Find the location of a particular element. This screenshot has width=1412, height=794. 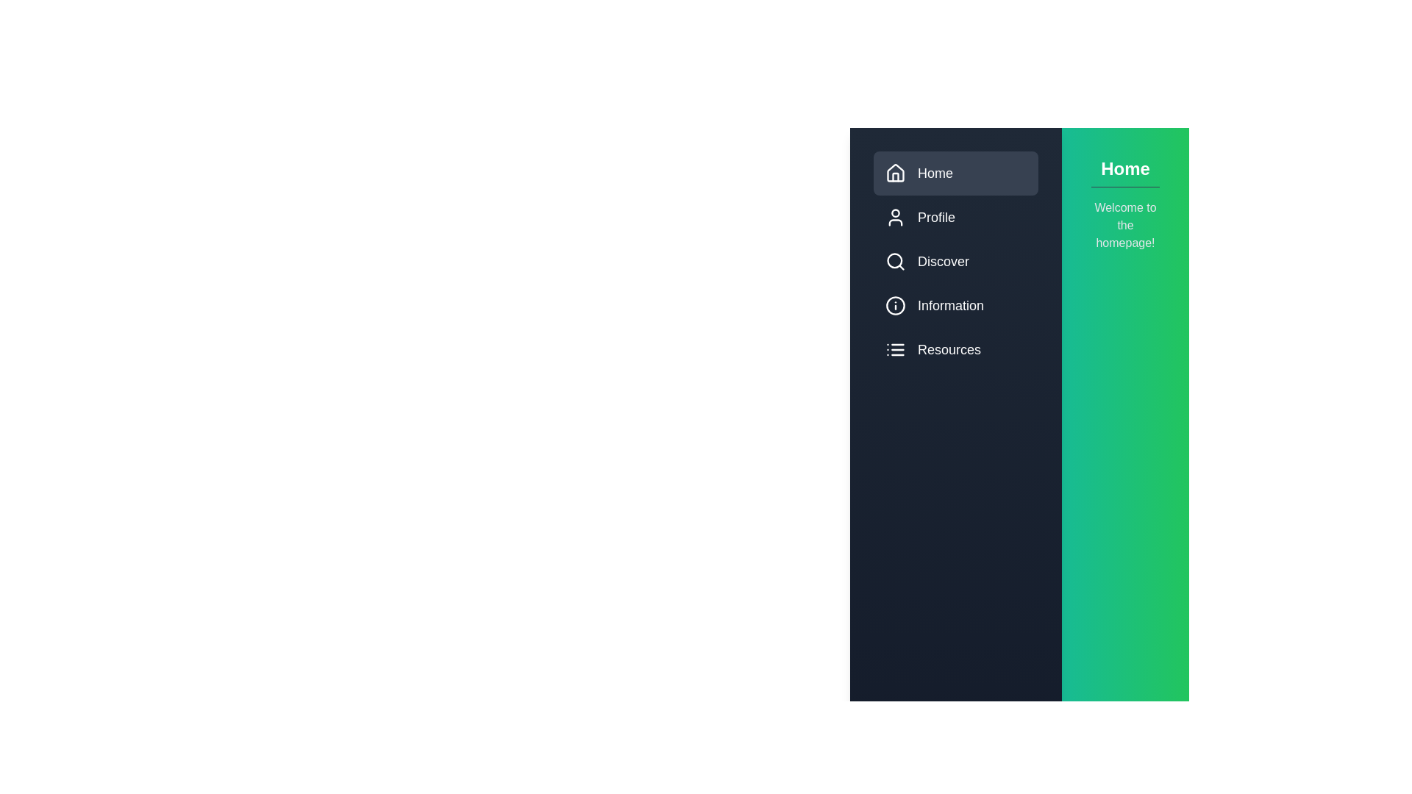

the menu item labeled Resources to switch the active content is located at coordinates (956, 349).